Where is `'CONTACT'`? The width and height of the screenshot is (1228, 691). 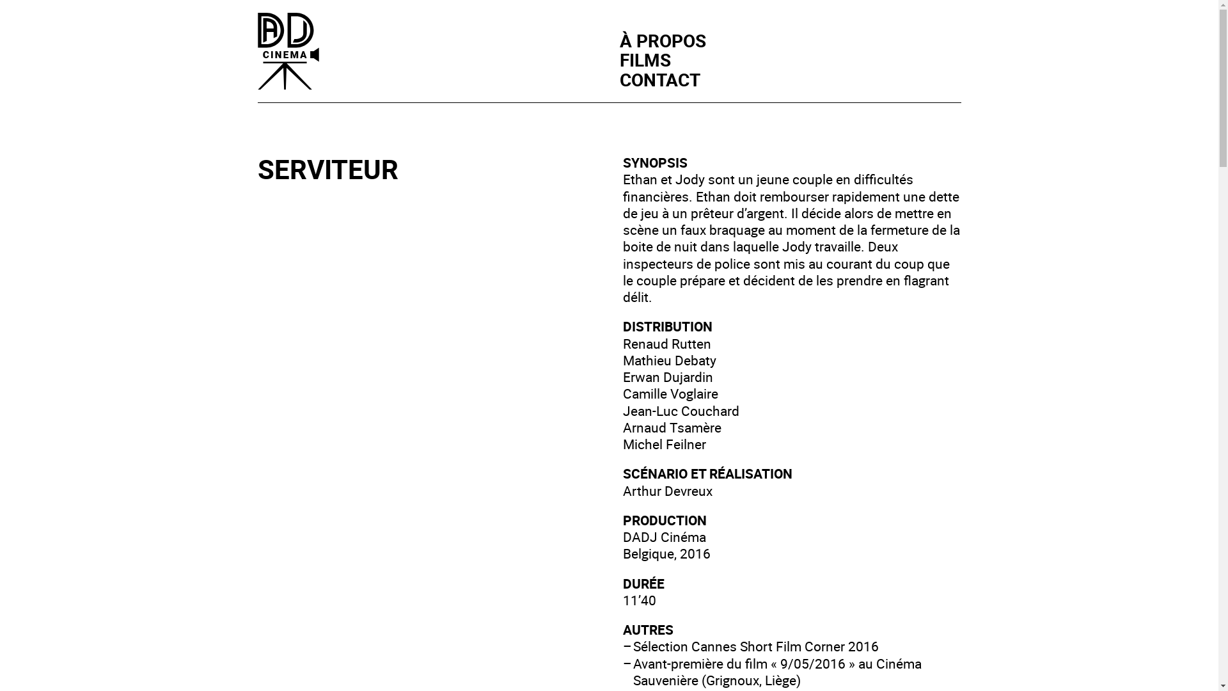
'CONTACT' is located at coordinates (659, 79).